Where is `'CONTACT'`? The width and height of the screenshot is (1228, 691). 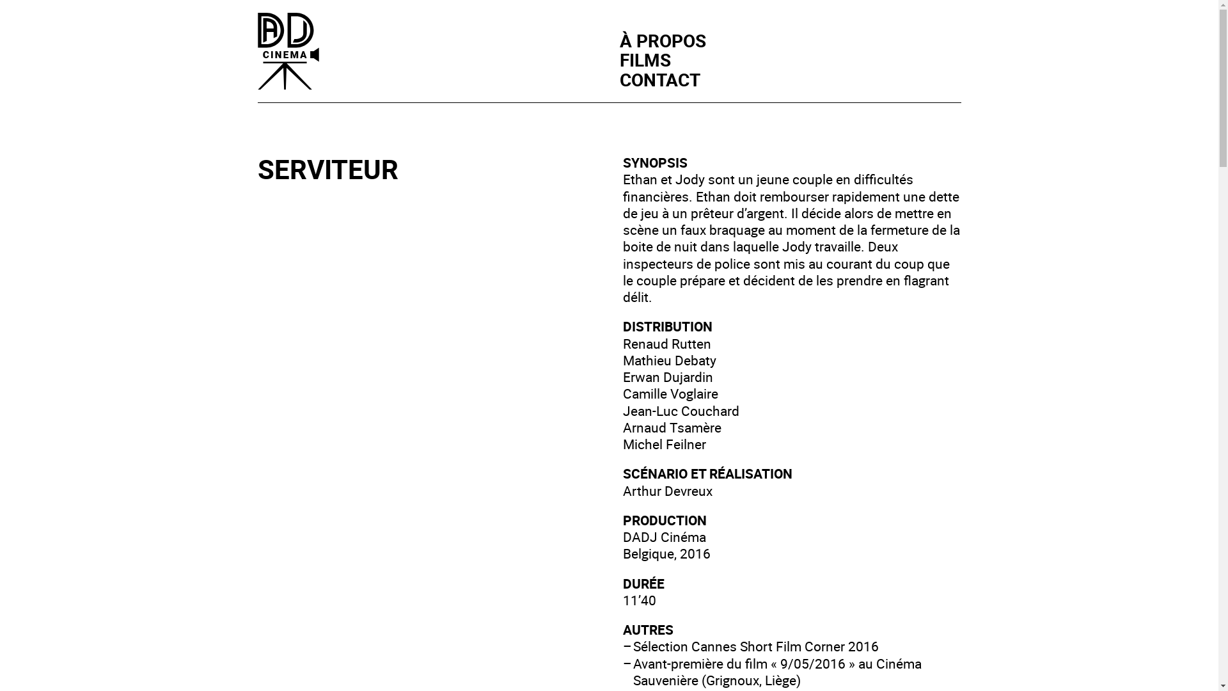
'CONTACT' is located at coordinates (659, 79).